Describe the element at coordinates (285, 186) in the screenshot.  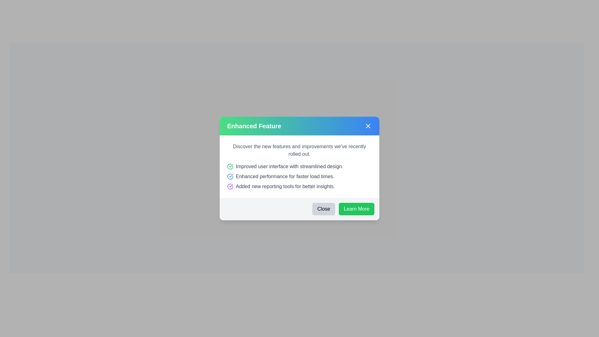
I see `the descriptive text label that informs the user about newly added reporting tools, which is the third item in a vertical list within a modal window` at that location.